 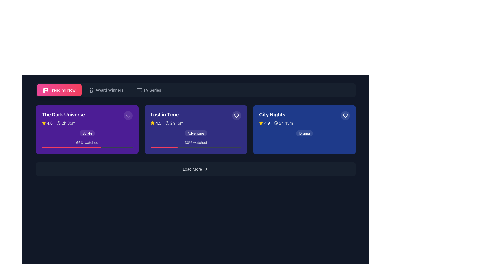 I want to click on the yellow filled star icon located to the left of the numerical rating '4.5' in the 'Lost in Time' card, so click(x=152, y=123).